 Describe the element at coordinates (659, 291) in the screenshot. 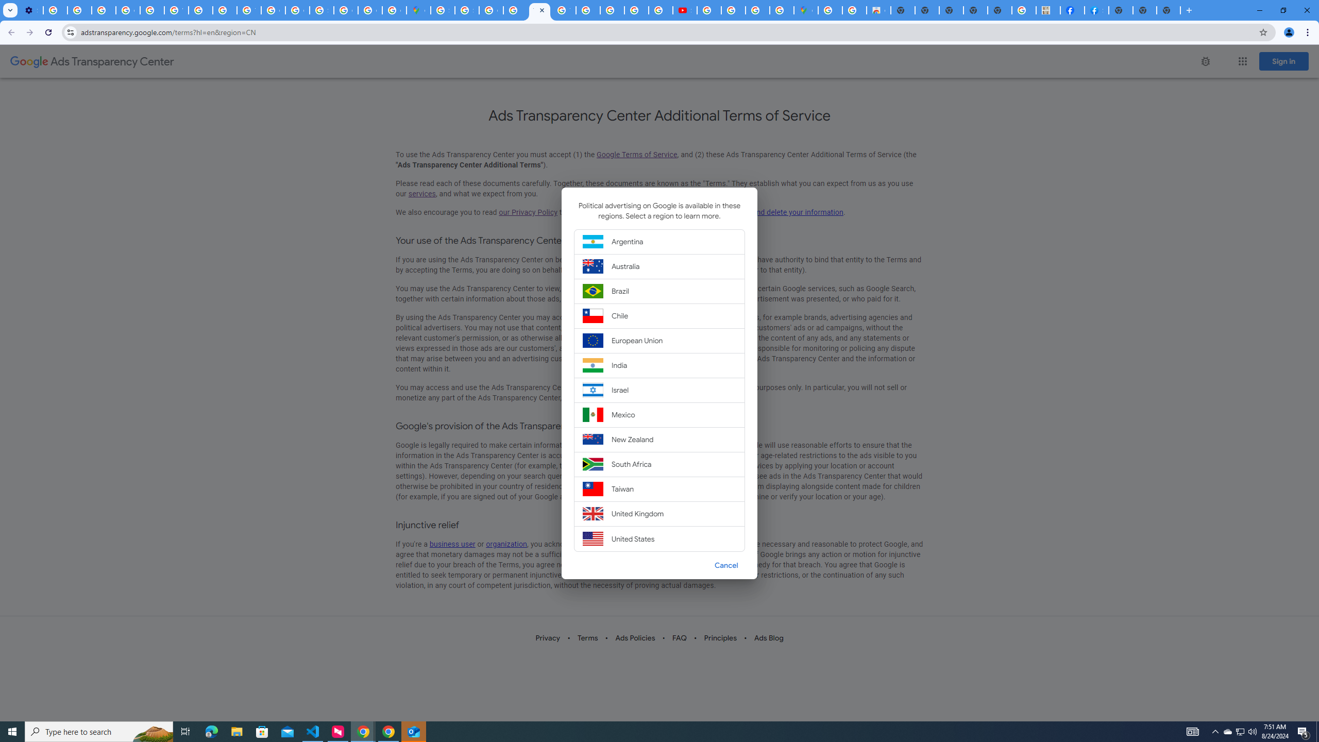

I see `'Brazil'` at that location.